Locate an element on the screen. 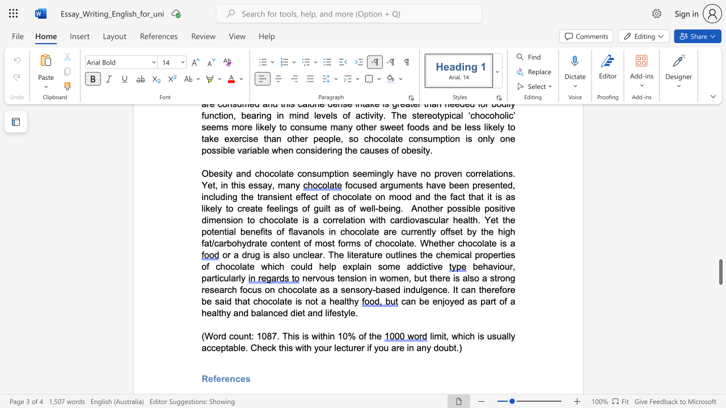  the scrollbar on the side is located at coordinates (720, 186).